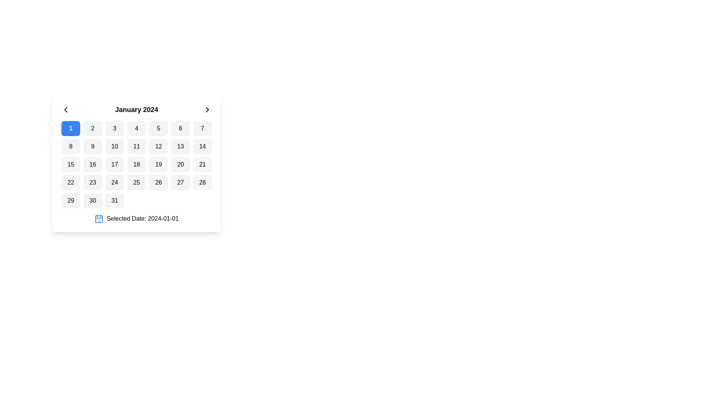 The image size is (723, 406). Describe the element at coordinates (66, 110) in the screenshot. I see `the left-pointing arrow icon in the calendar header` at that location.